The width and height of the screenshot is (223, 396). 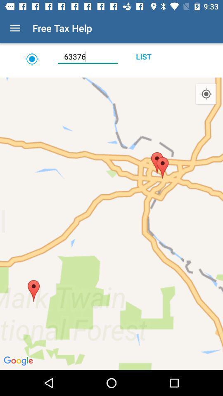 What do you see at coordinates (87, 56) in the screenshot?
I see `item below free tax help` at bounding box center [87, 56].